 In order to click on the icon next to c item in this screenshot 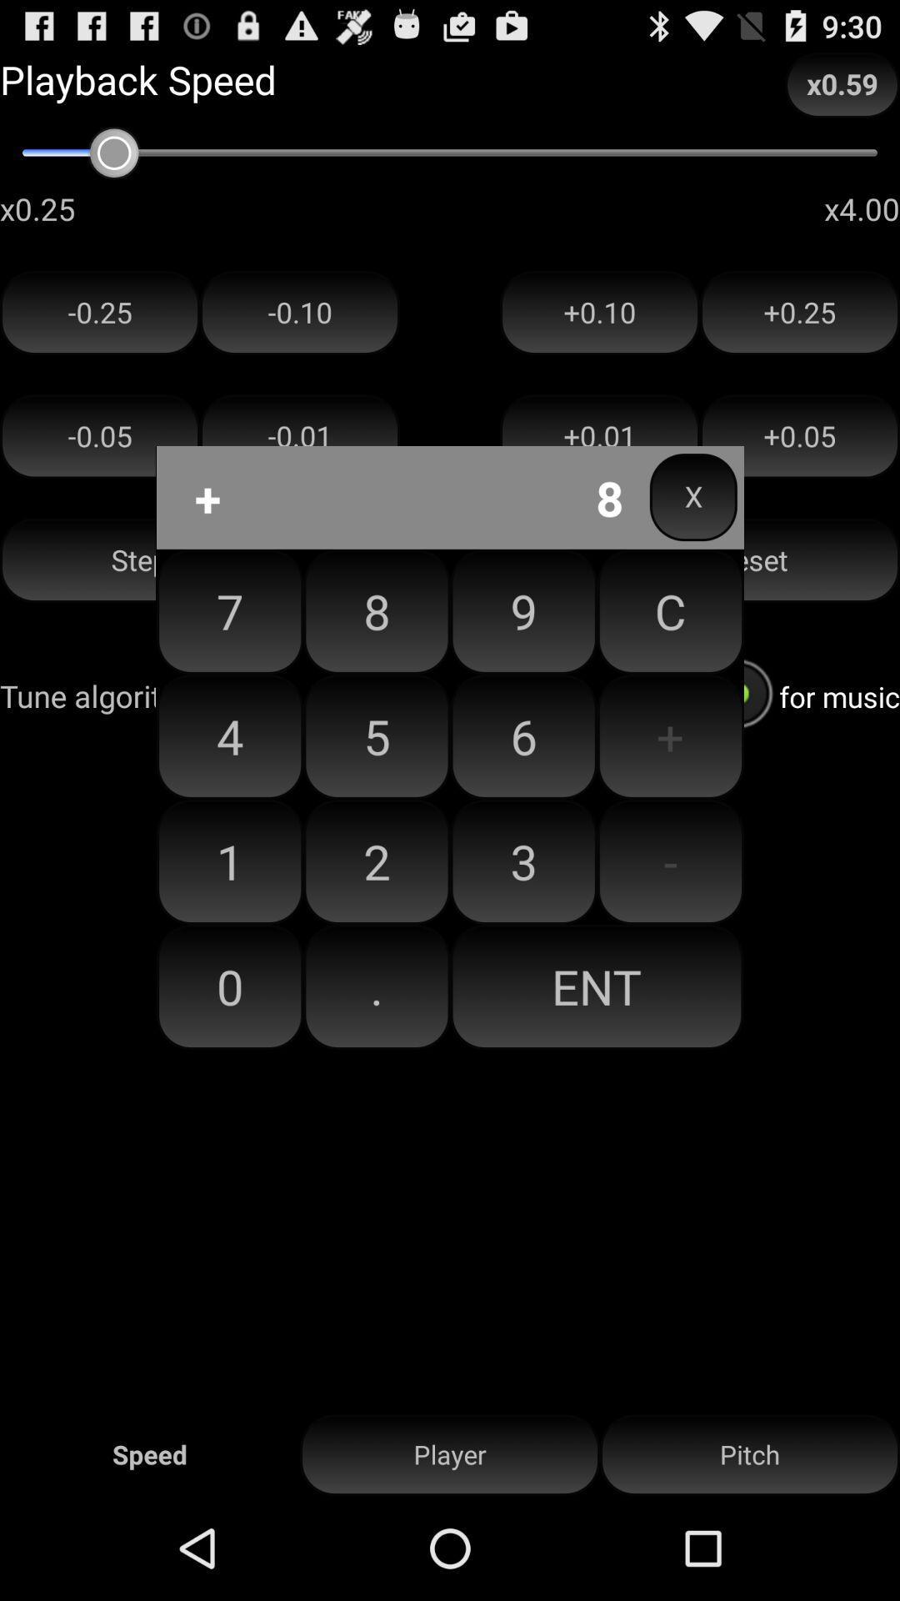, I will do `click(522, 735)`.